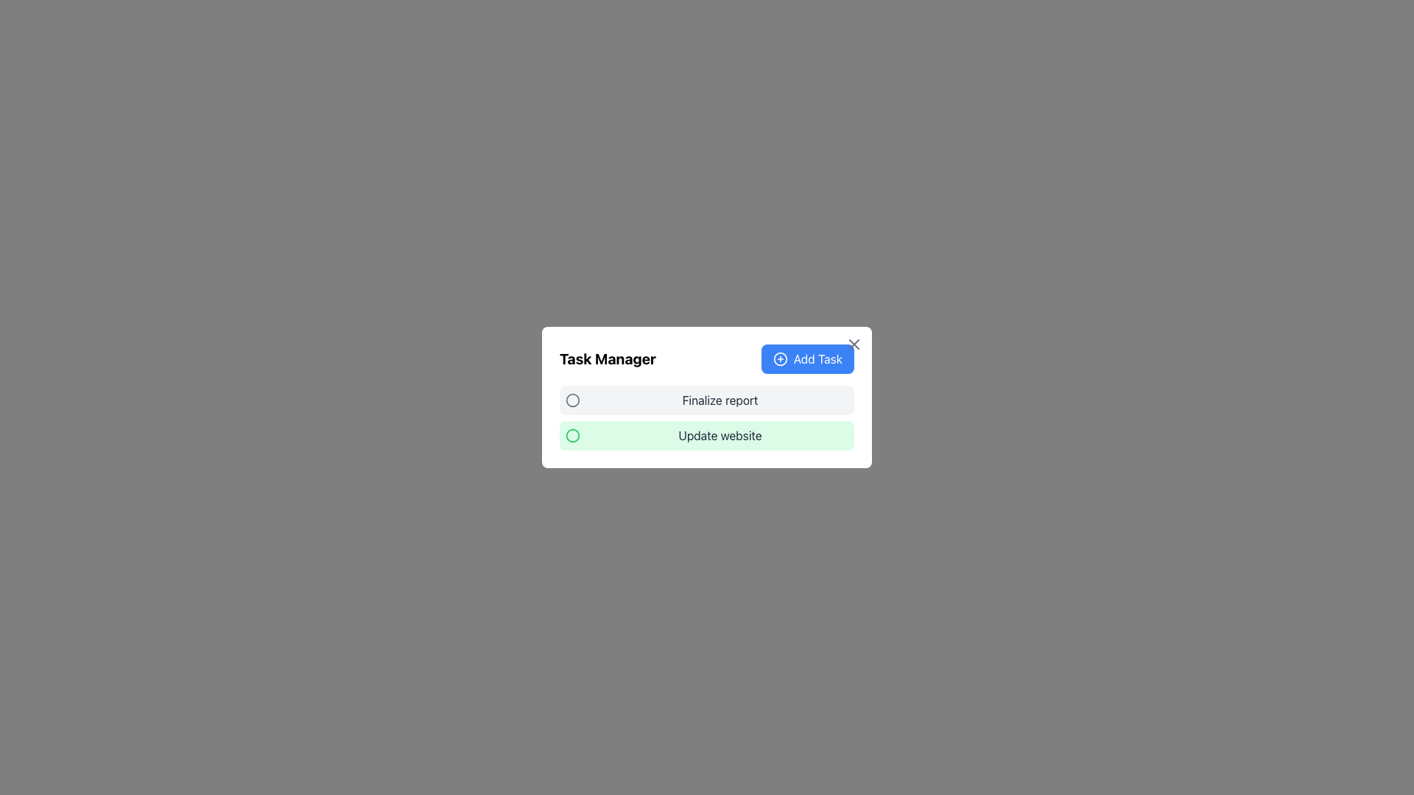 The height and width of the screenshot is (795, 1414). Describe the element at coordinates (608, 359) in the screenshot. I see `text label displaying 'Task Manager', which is a prominent header in bold and large font located on the interface` at that location.